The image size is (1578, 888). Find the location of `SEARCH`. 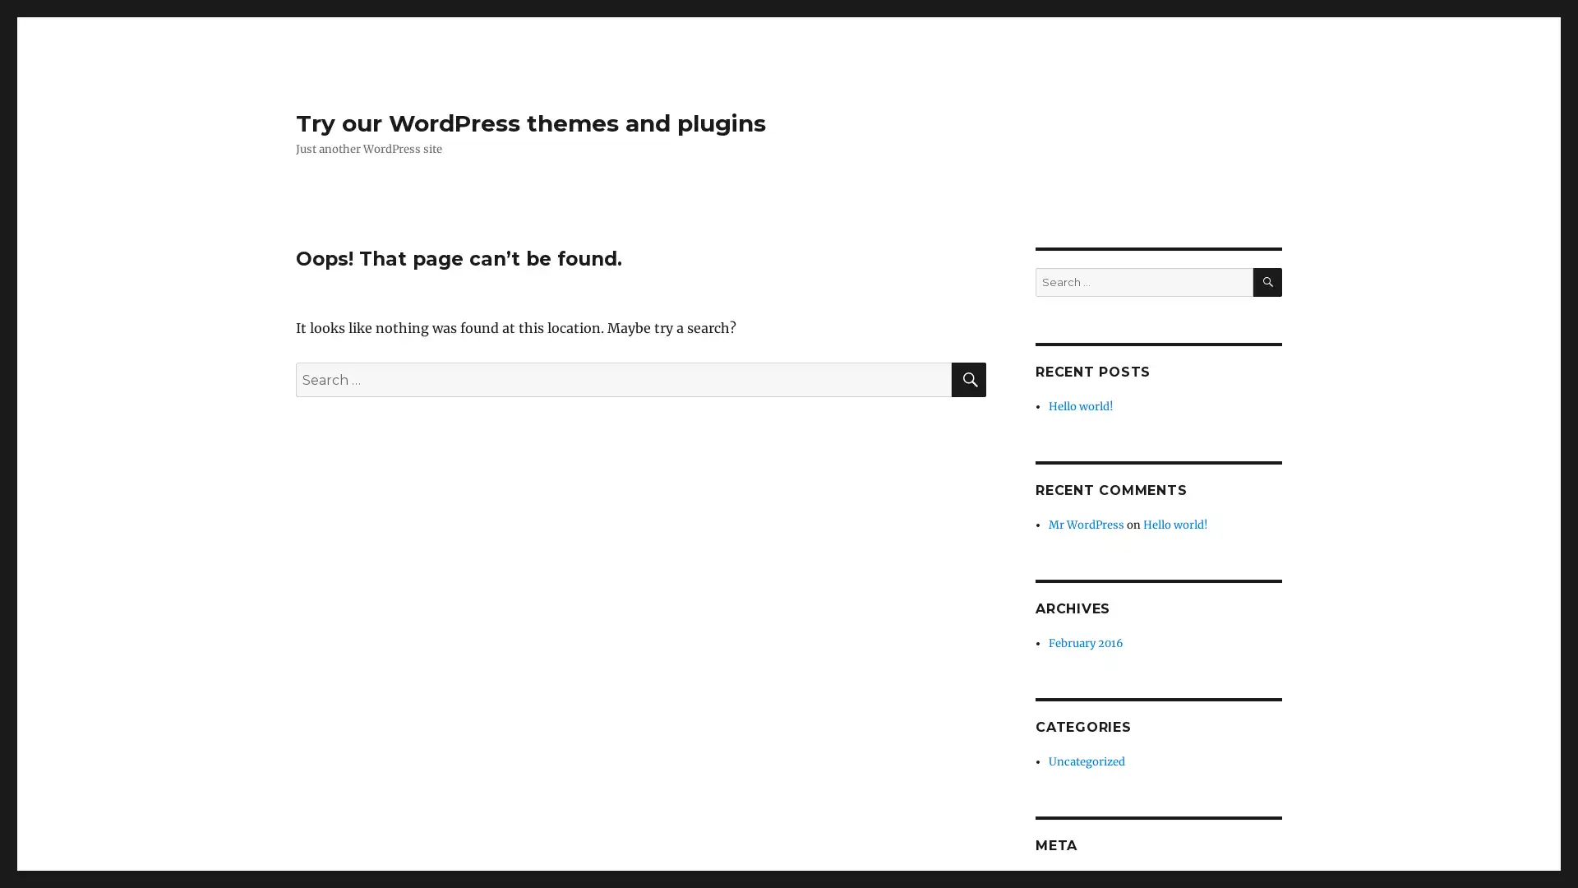

SEARCH is located at coordinates (969, 380).